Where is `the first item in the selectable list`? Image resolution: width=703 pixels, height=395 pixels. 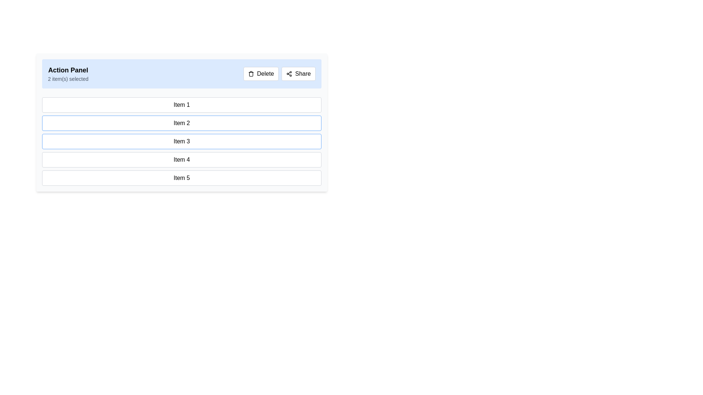
the first item in the selectable list is located at coordinates (182, 105).